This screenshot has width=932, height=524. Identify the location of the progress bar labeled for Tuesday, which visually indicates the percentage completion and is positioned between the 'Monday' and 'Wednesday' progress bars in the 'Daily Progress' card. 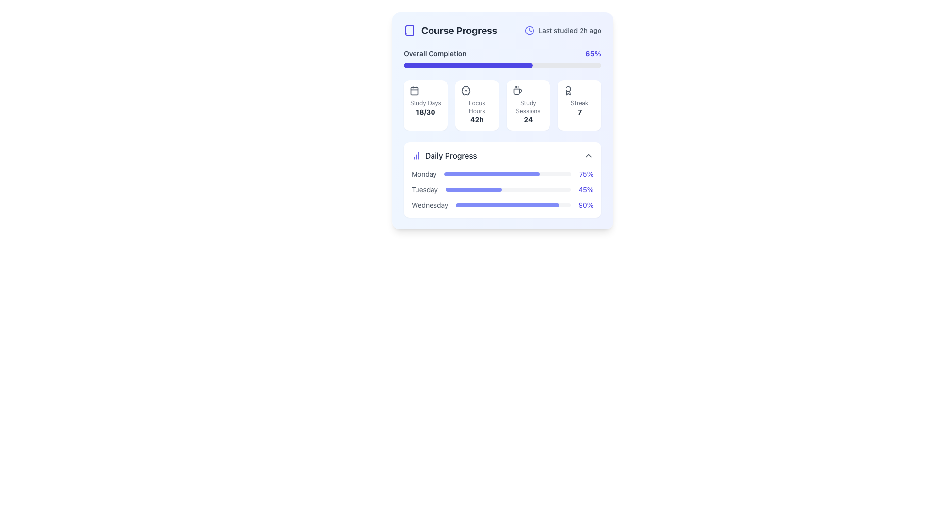
(502, 189).